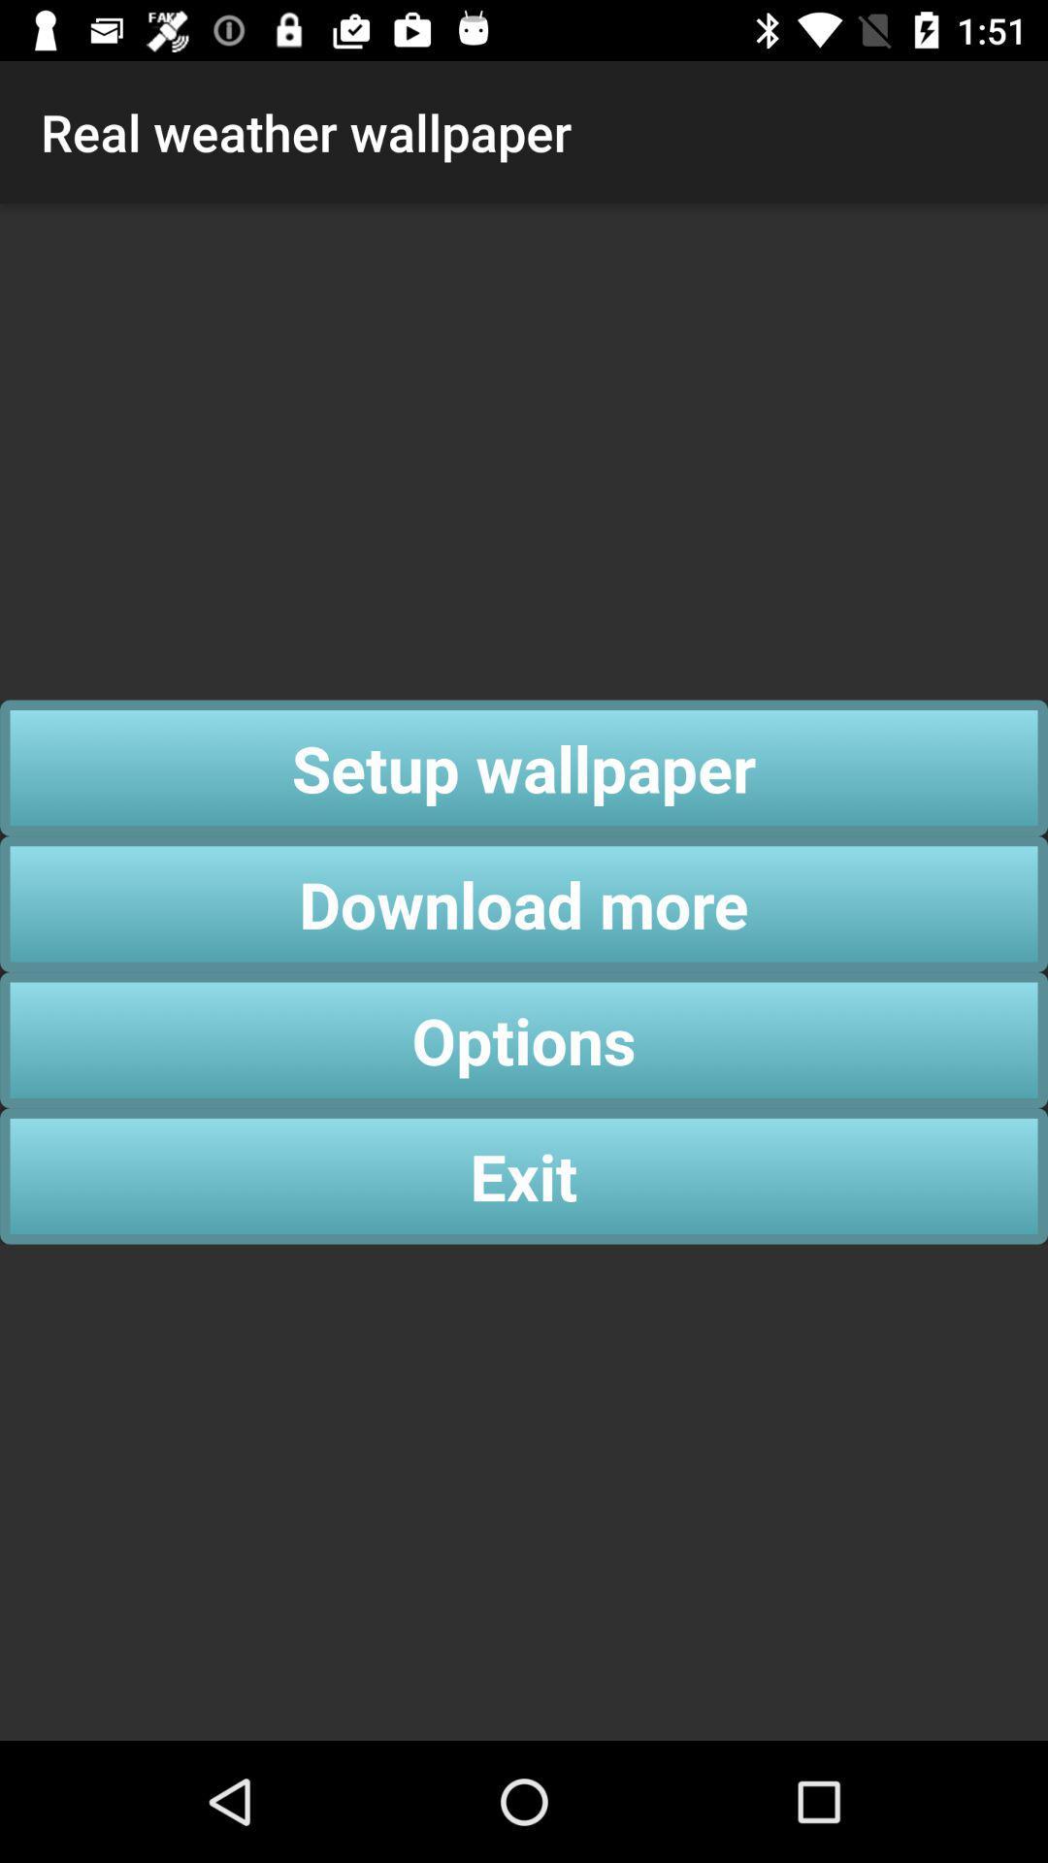 The image size is (1048, 1863). I want to click on the icon below options item, so click(524, 1175).